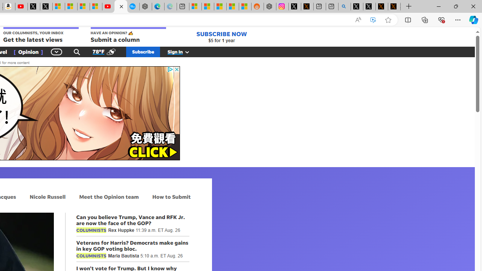 Image resolution: width=482 pixels, height=271 pixels. I want to click on 'Class: gnt_n_se_a_svg', so click(77, 51).